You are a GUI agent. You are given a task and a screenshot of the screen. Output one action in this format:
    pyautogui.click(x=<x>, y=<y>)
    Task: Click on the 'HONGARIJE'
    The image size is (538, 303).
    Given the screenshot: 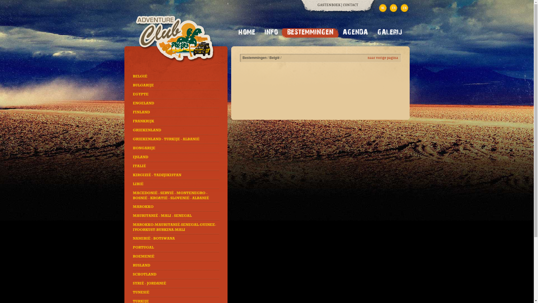 What is the action you would take?
    pyautogui.click(x=144, y=148)
    